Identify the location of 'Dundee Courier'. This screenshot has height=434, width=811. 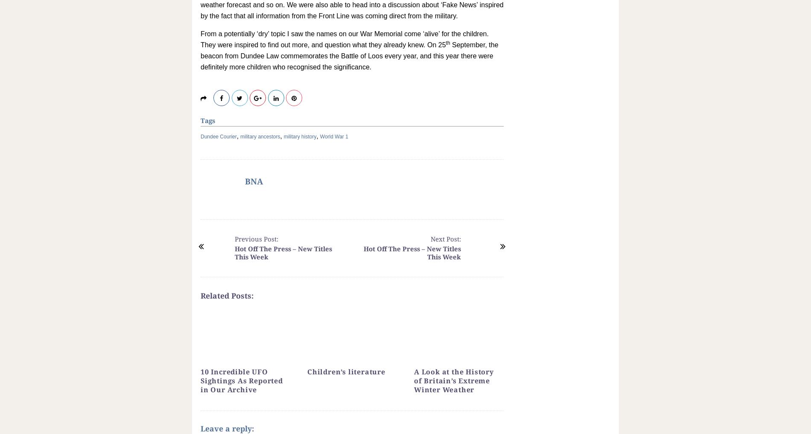
(219, 136).